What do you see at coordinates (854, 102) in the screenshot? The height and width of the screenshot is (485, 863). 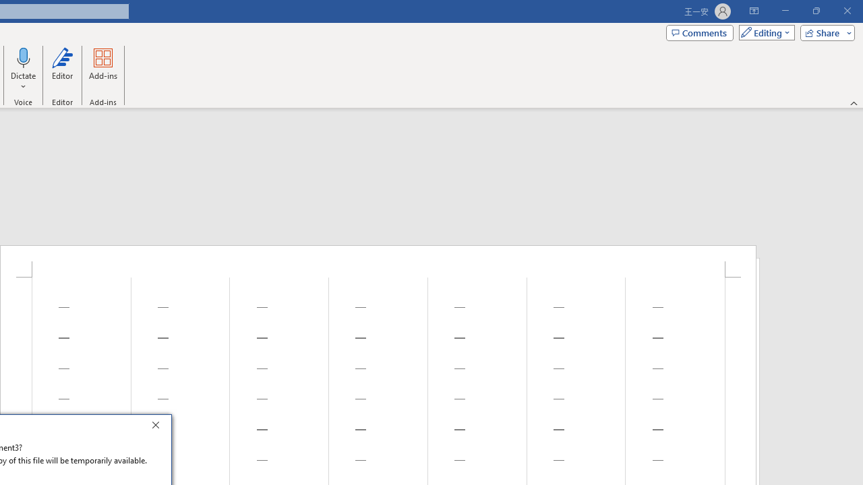 I see `'Collapse the Ribbon'` at bounding box center [854, 102].